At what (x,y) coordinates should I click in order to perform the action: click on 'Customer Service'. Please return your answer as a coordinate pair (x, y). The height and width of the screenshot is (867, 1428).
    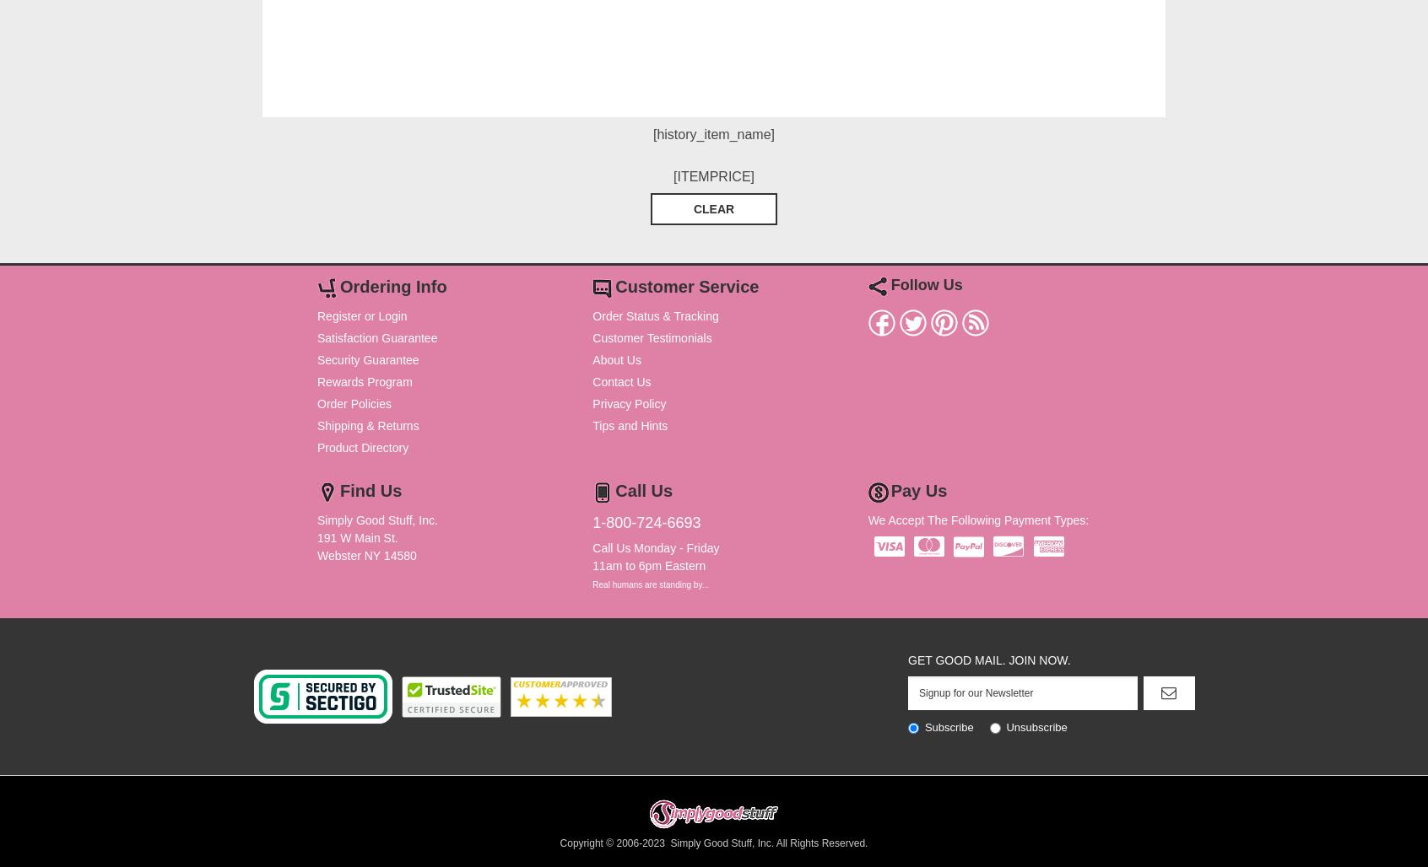
    Looking at the image, I should click on (614, 285).